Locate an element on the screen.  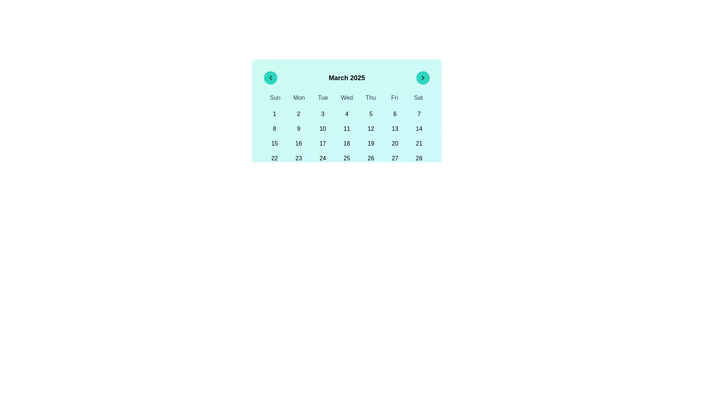
the small, rounded, light blue button labeled '7' in the calendar grid under the 'Sat' column is located at coordinates (419, 114).